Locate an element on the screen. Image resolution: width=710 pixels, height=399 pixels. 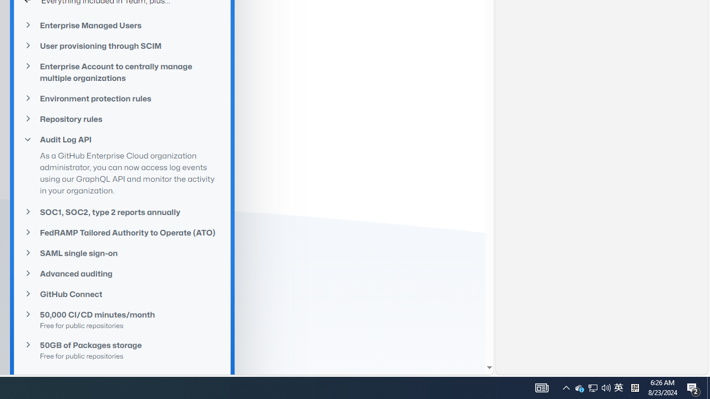
'GitHub Connect' is located at coordinates (122, 293).